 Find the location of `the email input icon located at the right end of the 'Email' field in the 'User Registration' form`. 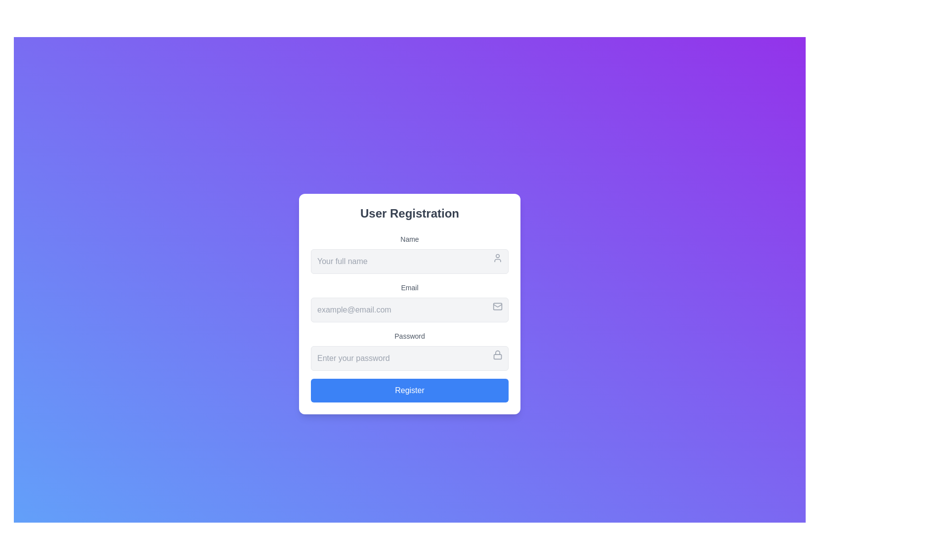

the email input icon located at the right end of the 'Email' field in the 'User Registration' form is located at coordinates (498, 306).